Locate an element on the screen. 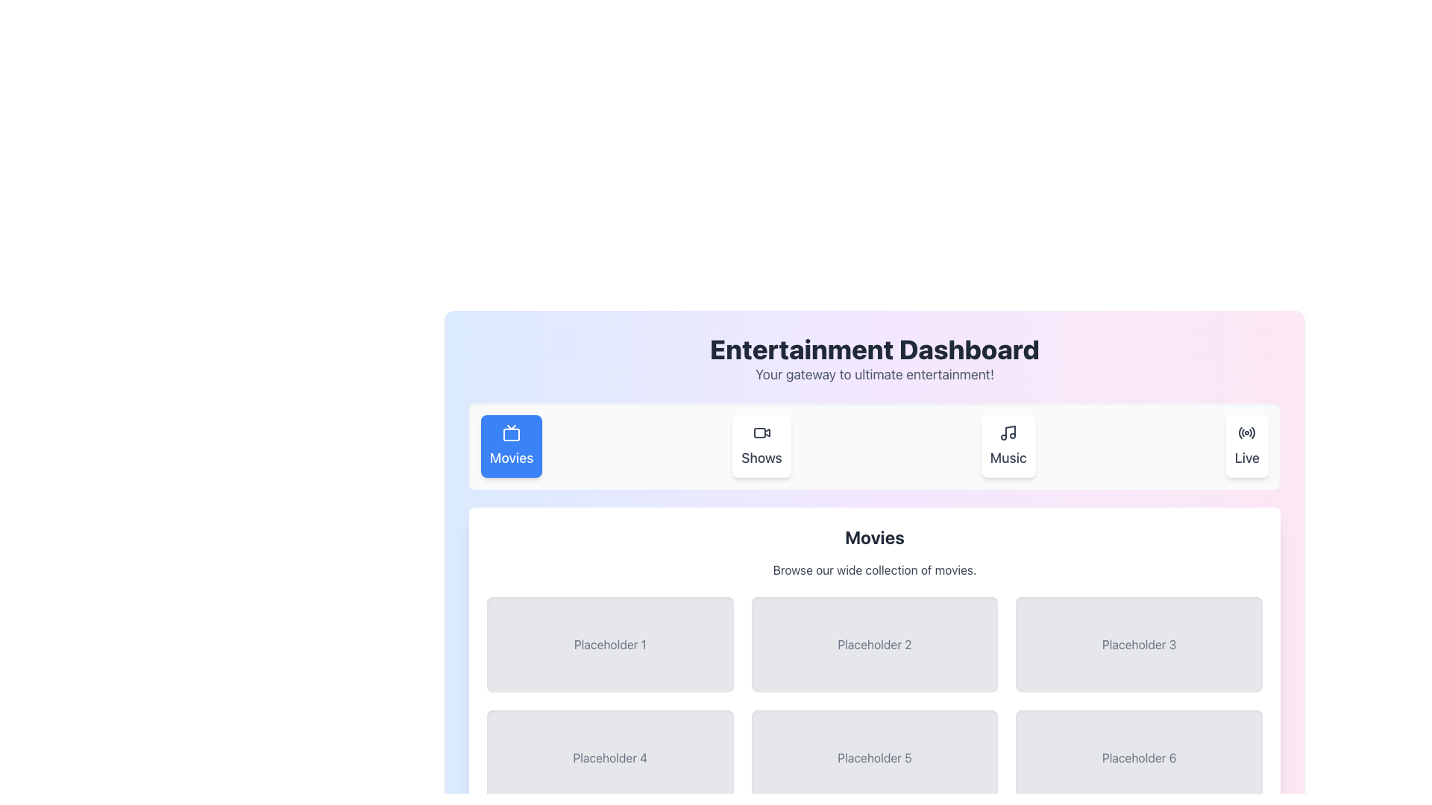 This screenshot has height=805, width=1432. the 'Music' icon located in the navigation bar above the 'Music' text label is located at coordinates (1008, 433).